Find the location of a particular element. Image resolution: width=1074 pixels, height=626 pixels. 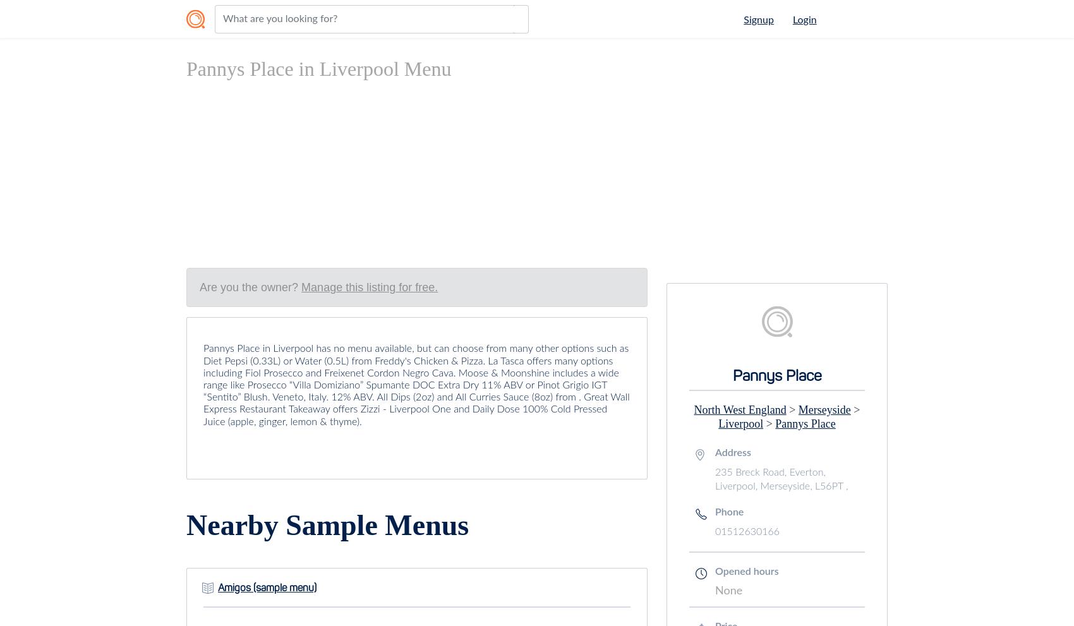

'Signup' is located at coordinates (757, 20).